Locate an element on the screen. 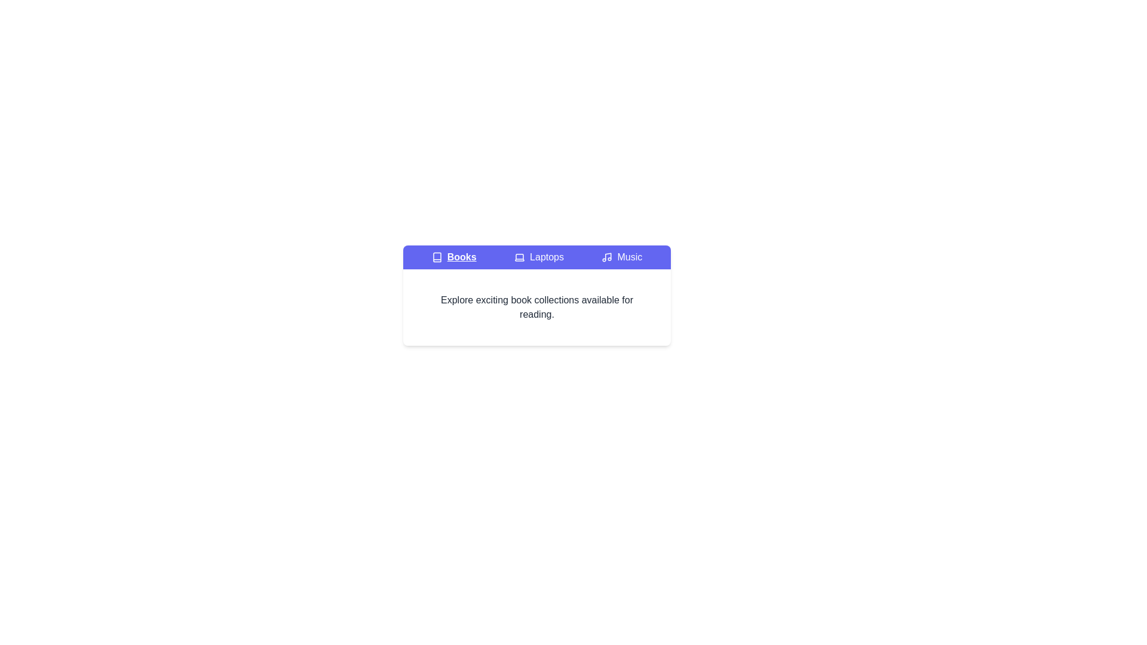 The width and height of the screenshot is (1147, 645). the Books tab to inspect its title and icon is located at coordinates (453, 257).